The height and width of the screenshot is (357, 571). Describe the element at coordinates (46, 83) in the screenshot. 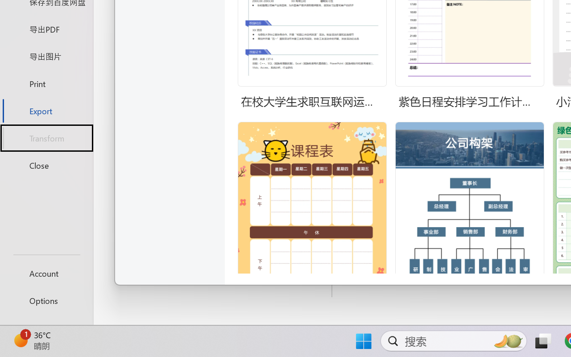

I see `'Print'` at that location.